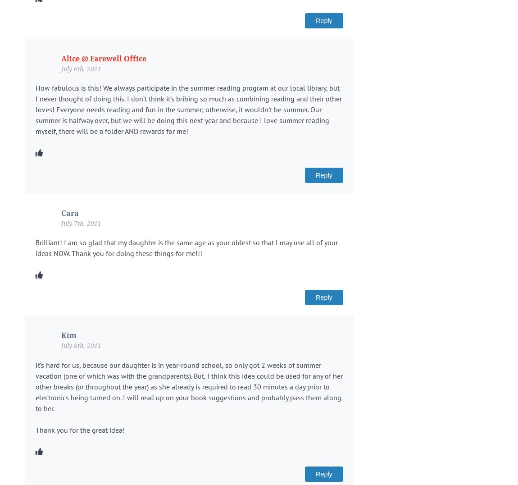  Describe the element at coordinates (81, 345) in the screenshot. I see `'July 8th, 2011'` at that location.